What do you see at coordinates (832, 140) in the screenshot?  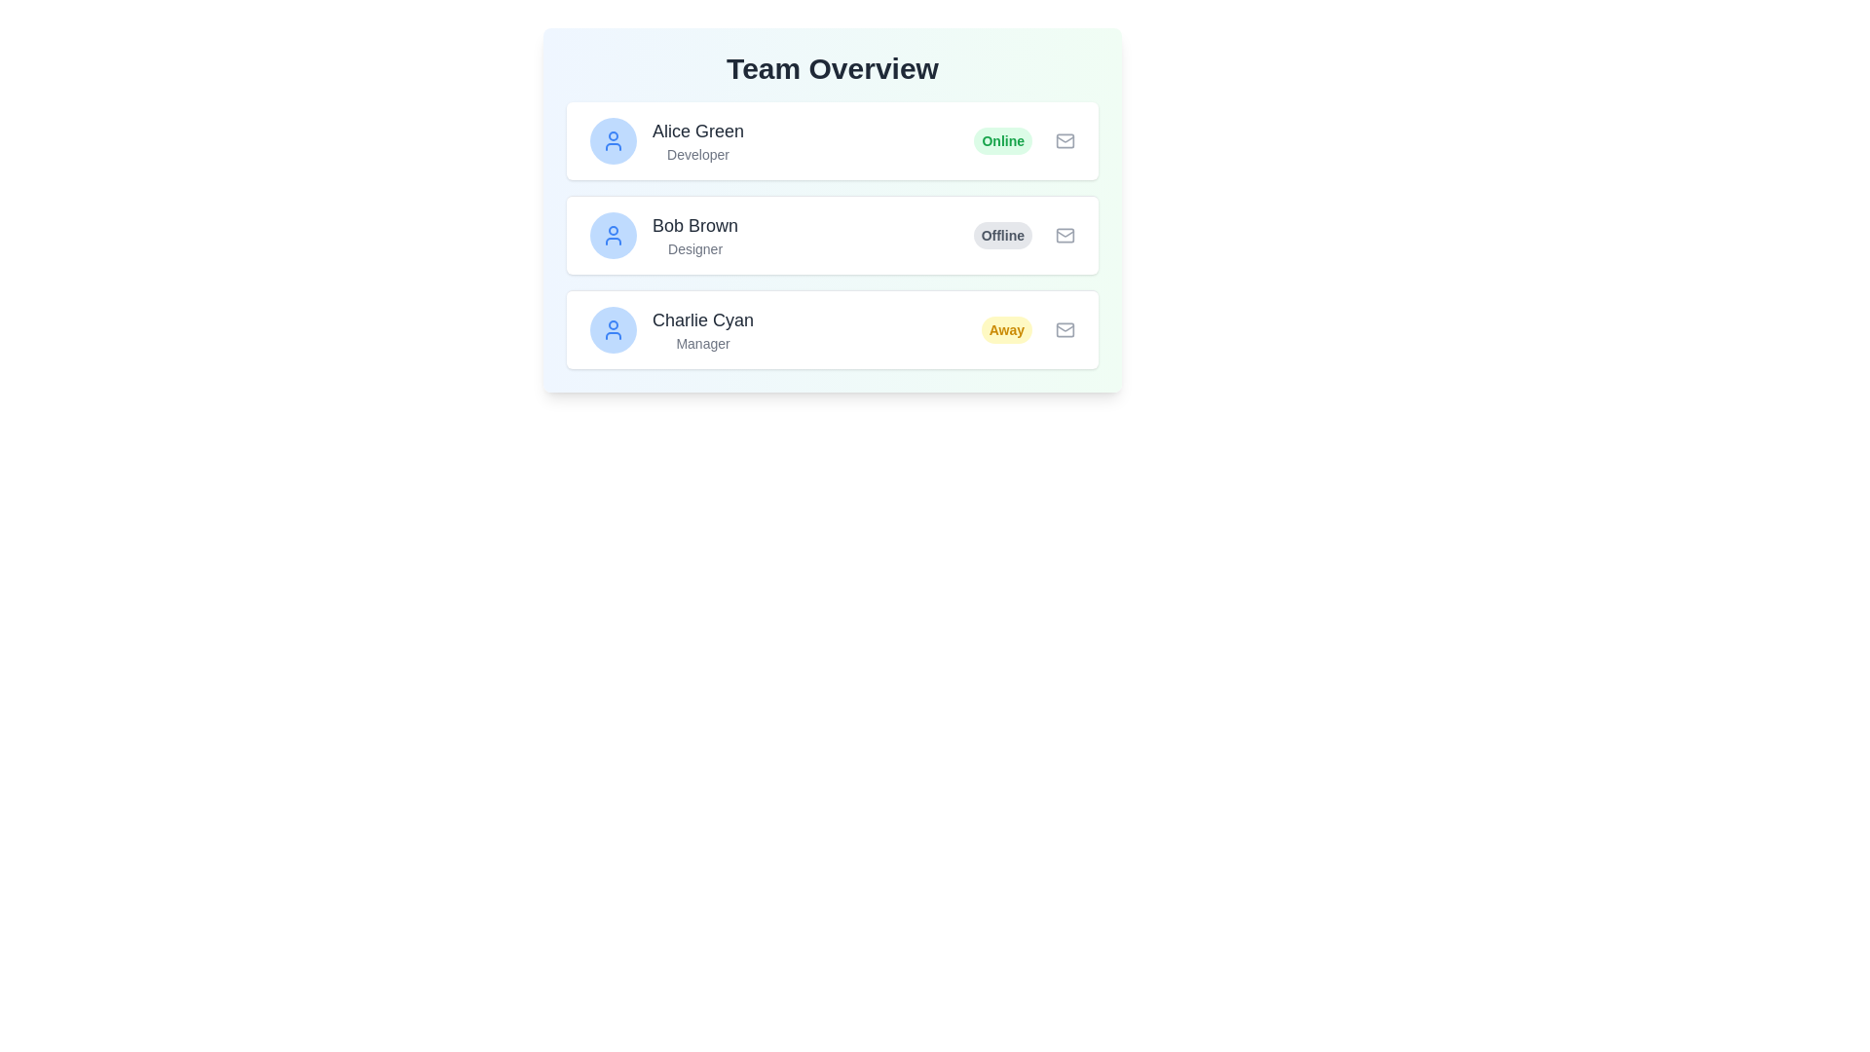 I see `the status indicator of the first List item card displaying user information, located at the top of the vertical list` at bounding box center [832, 140].